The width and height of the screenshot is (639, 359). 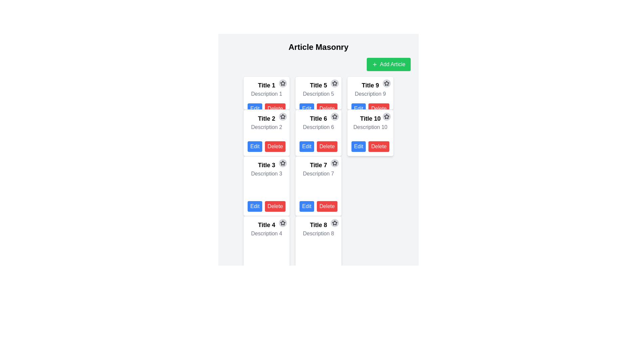 What do you see at coordinates (318, 118) in the screenshot?
I see `the Text label element displaying 'Title 6' in bold and large font, which is located at the top of its card layout, above descriptive text and buttons` at bounding box center [318, 118].